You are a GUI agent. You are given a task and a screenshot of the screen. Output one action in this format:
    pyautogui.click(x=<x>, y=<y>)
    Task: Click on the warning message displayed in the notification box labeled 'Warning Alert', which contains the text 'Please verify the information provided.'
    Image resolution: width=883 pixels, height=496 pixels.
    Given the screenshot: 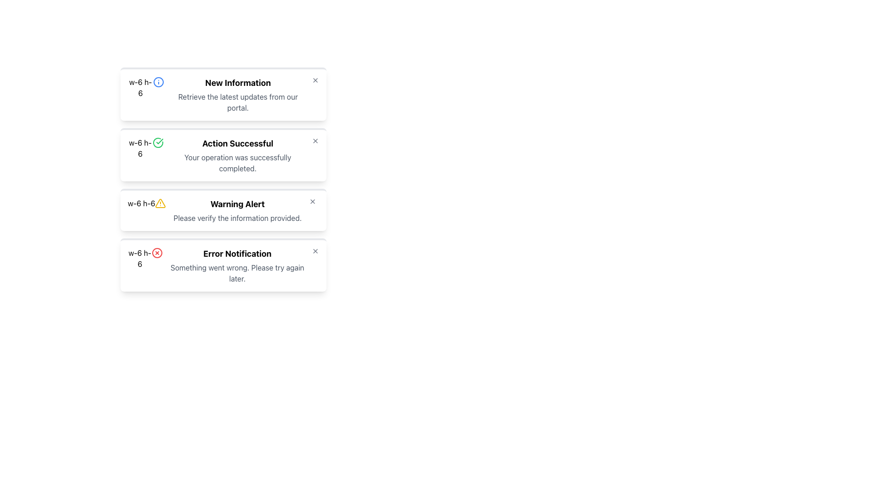 What is the action you would take?
    pyautogui.click(x=237, y=211)
    